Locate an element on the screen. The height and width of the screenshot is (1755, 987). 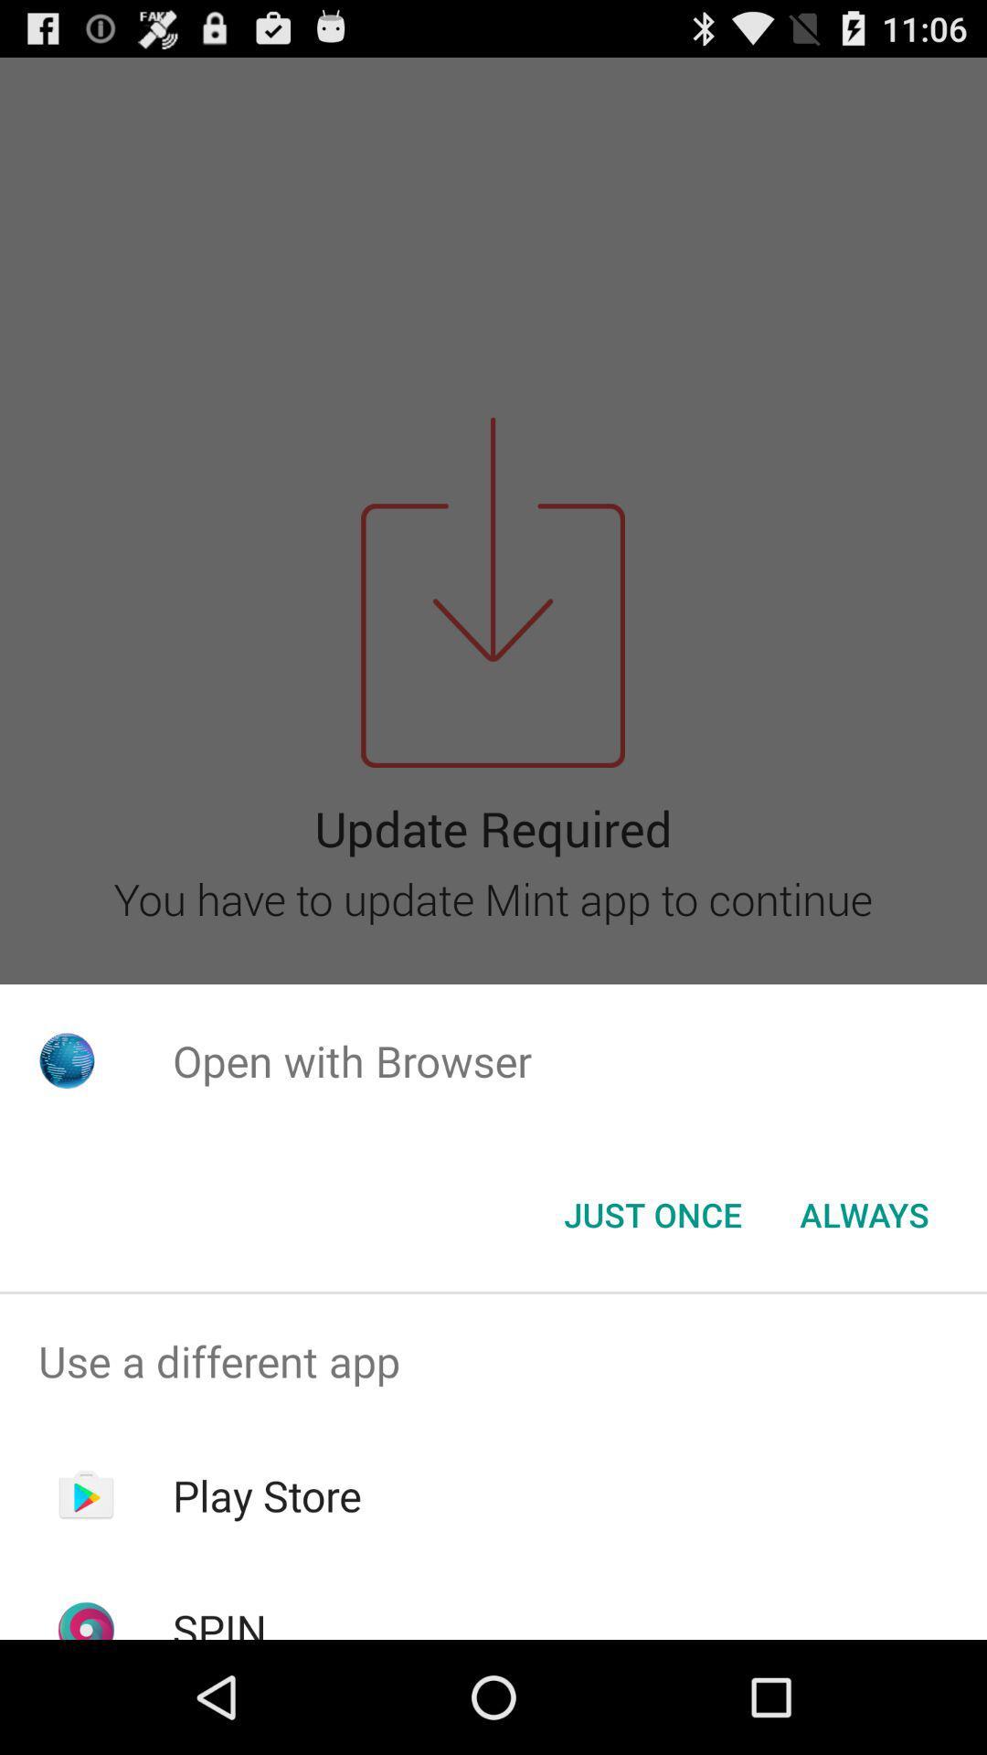
the just once item is located at coordinates (652, 1215).